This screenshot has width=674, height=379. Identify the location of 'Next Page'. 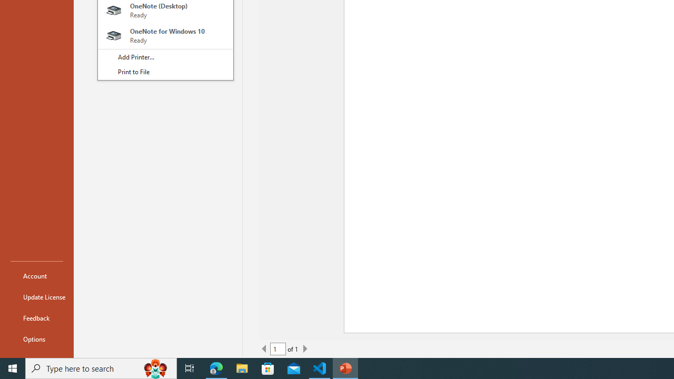
(304, 349).